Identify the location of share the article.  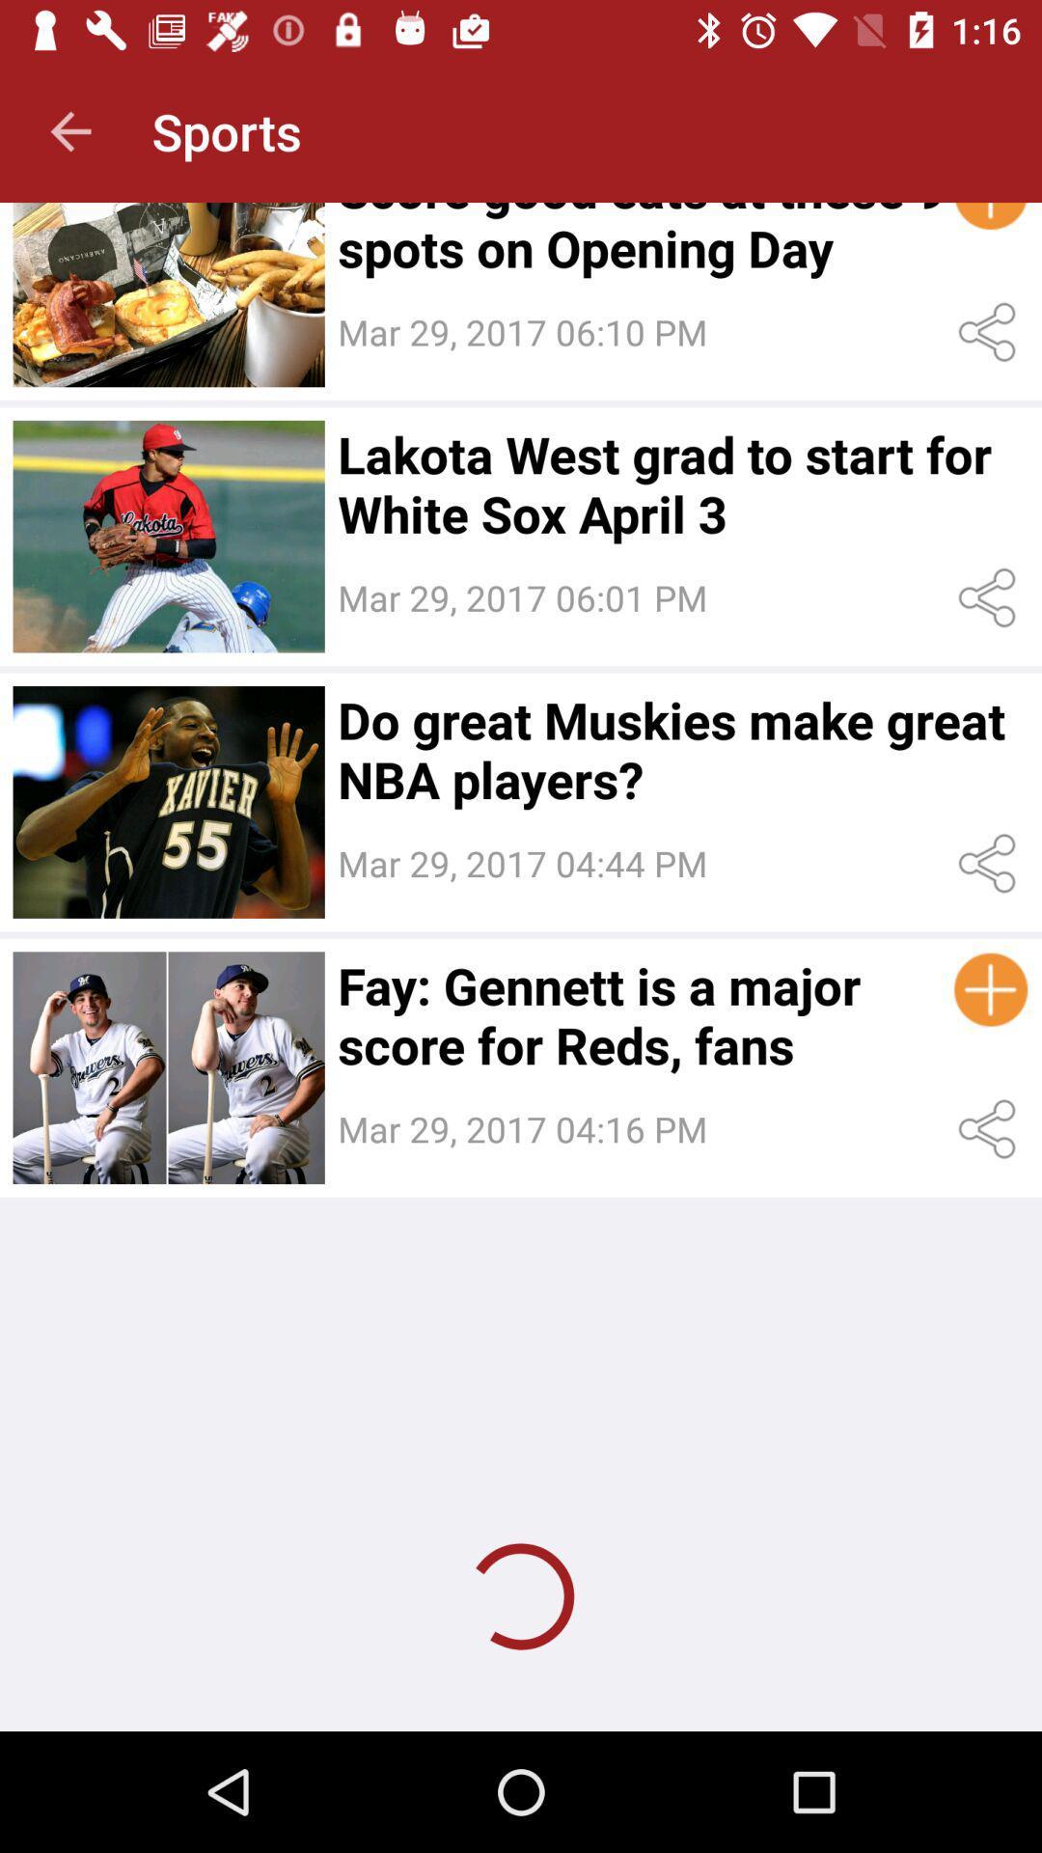
(991, 863).